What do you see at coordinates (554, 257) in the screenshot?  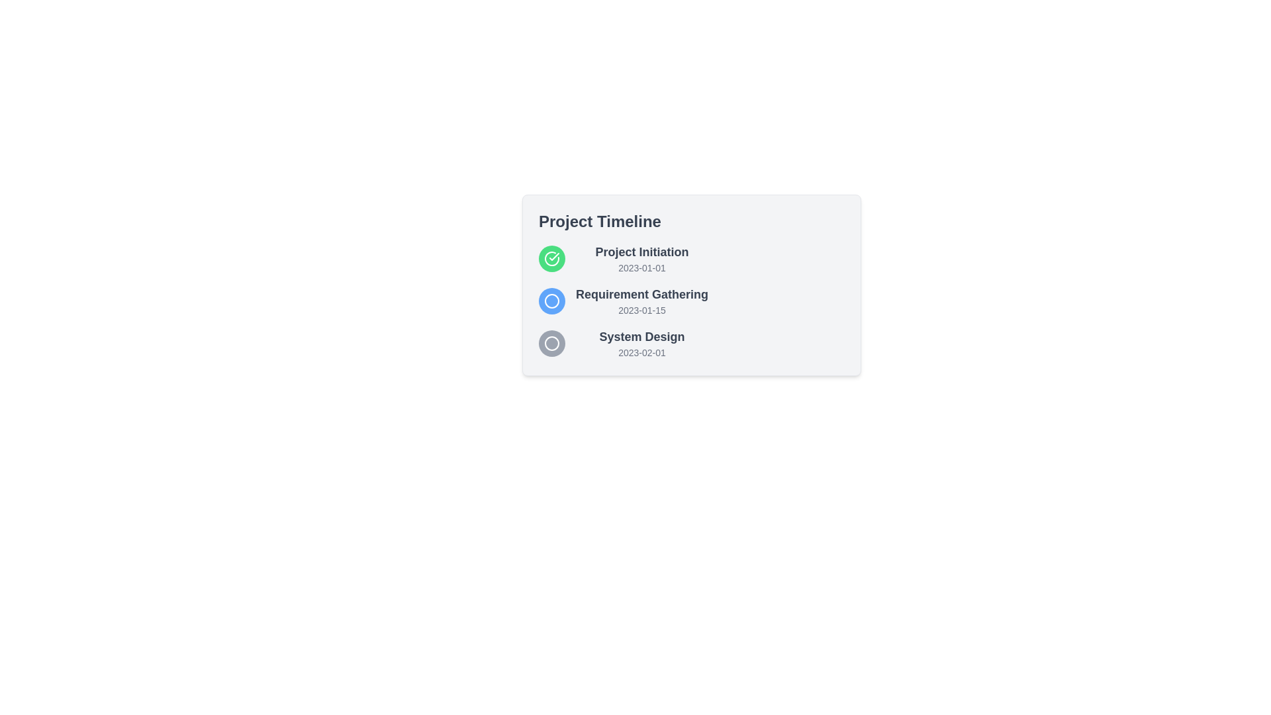 I see `the checkmark icon in the SVG graphic that is adjacent to the 'Project Initiation' entry in the timeline` at bounding box center [554, 257].